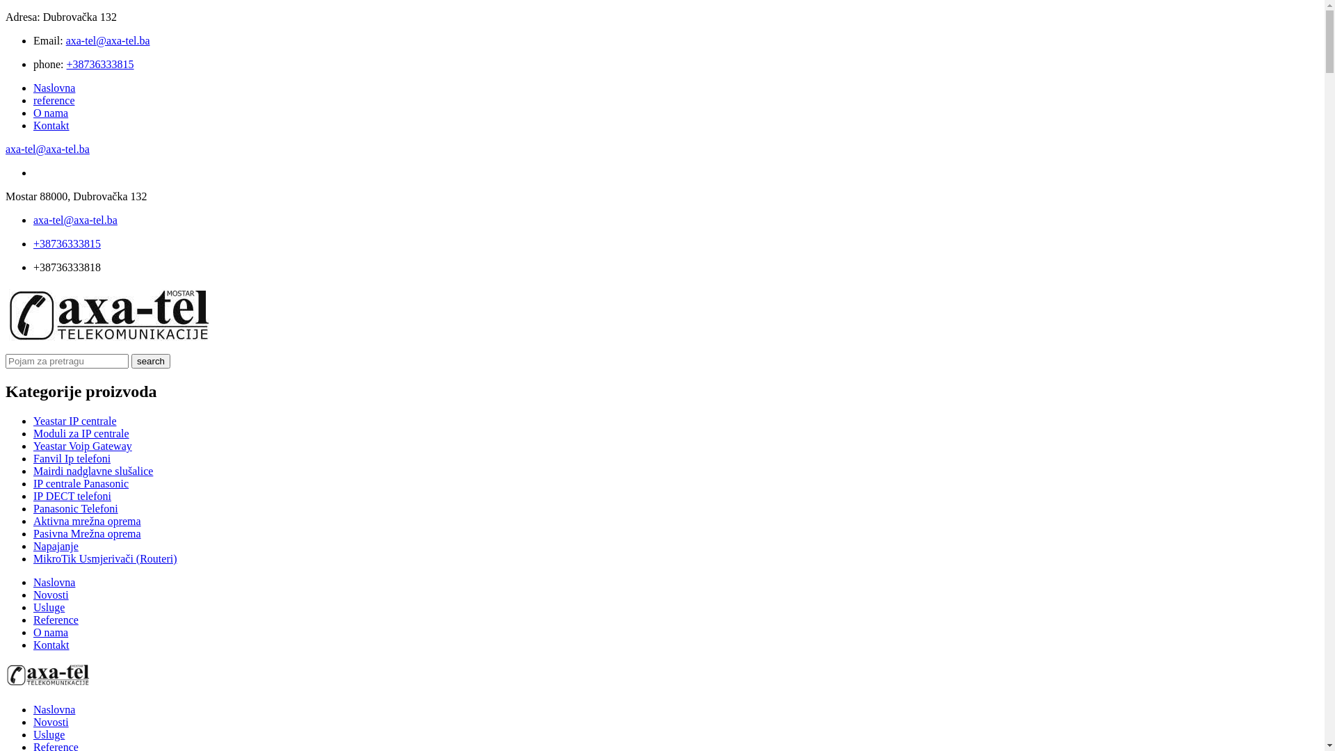 Image resolution: width=1335 pixels, height=751 pixels. What do you see at coordinates (33, 619) in the screenshot?
I see `'Reference'` at bounding box center [33, 619].